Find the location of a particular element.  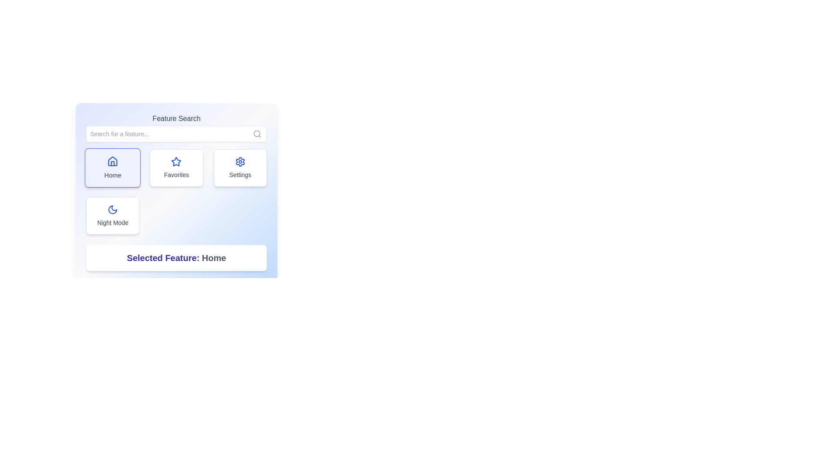

the 'Home' button located at the top-left of the grid layout below the search bar area is located at coordinates (112, 168).